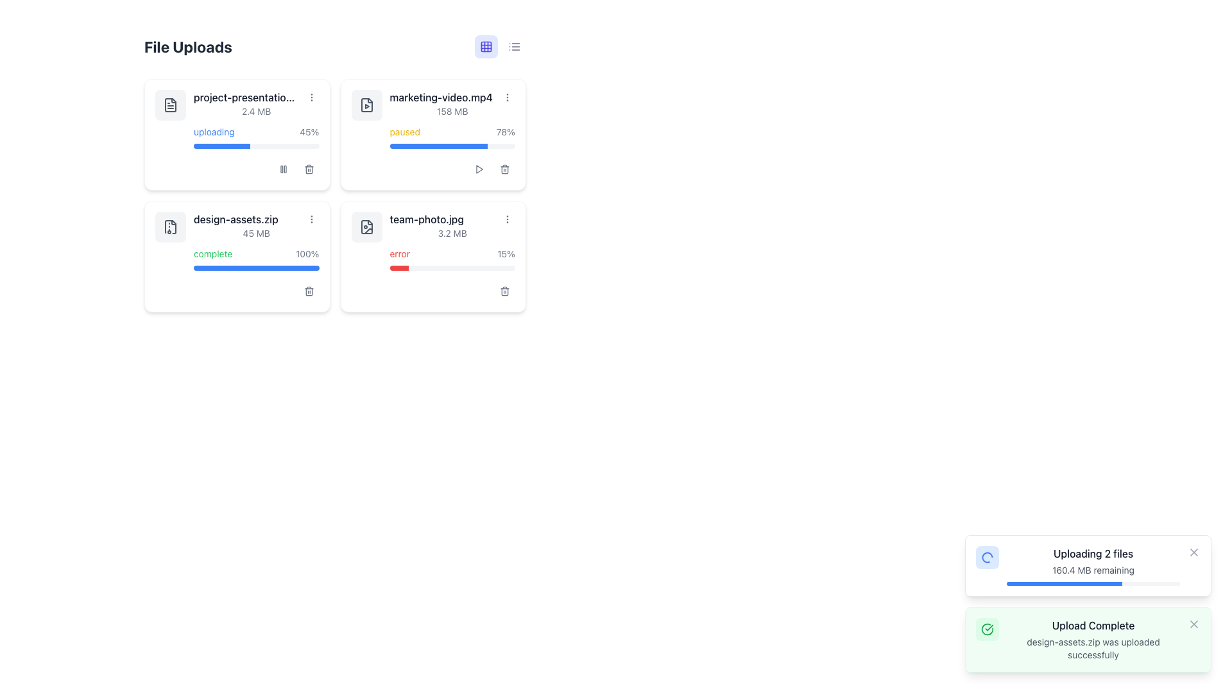 This screenshot has height=693, width=1232. Describe the element at coordinates (504, 291) in the screenshot. I see `the delete button, represented by a small square icon with a trash can graphic, located at the bottom-right corner of the card for the file 'team-photo.jpg'` at that location.